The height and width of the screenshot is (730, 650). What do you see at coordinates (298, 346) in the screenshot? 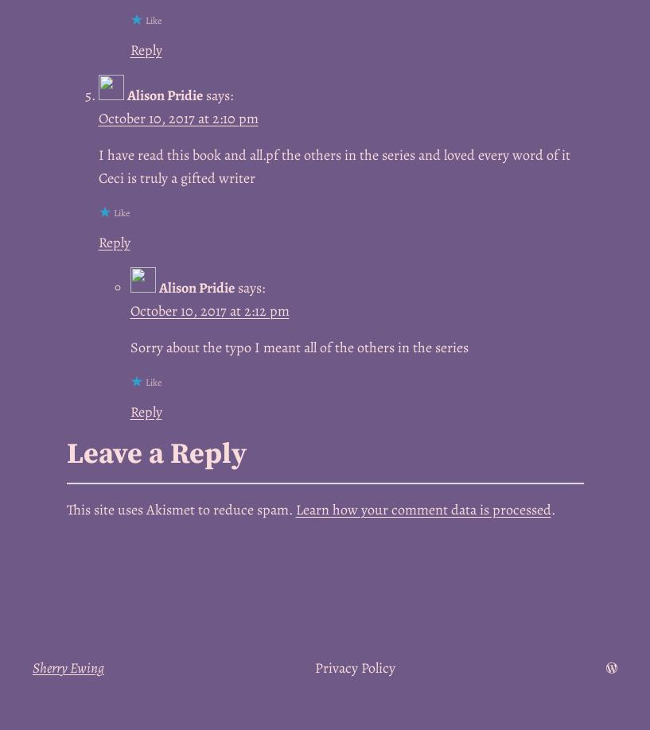
I see `'Sorry about the typo I meant all of the others in the series'` at bounding box center [298, 346].